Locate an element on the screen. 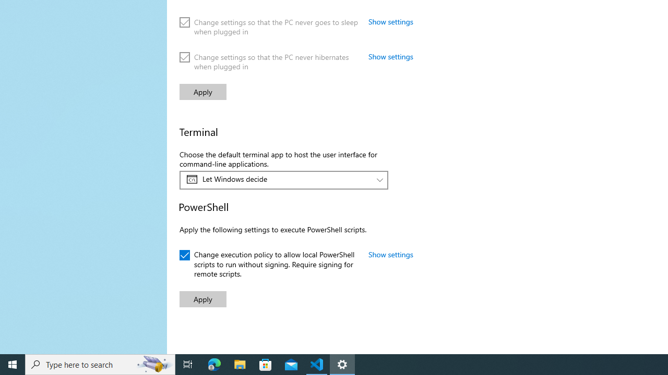  'Settings - 1 running window' is located at coordinates (342, 364).